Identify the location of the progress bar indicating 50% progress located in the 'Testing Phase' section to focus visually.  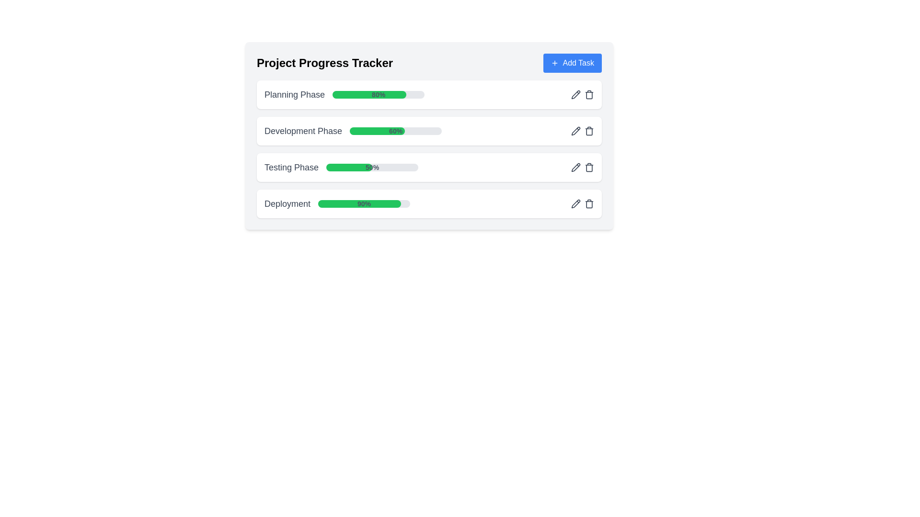
(372, 167).